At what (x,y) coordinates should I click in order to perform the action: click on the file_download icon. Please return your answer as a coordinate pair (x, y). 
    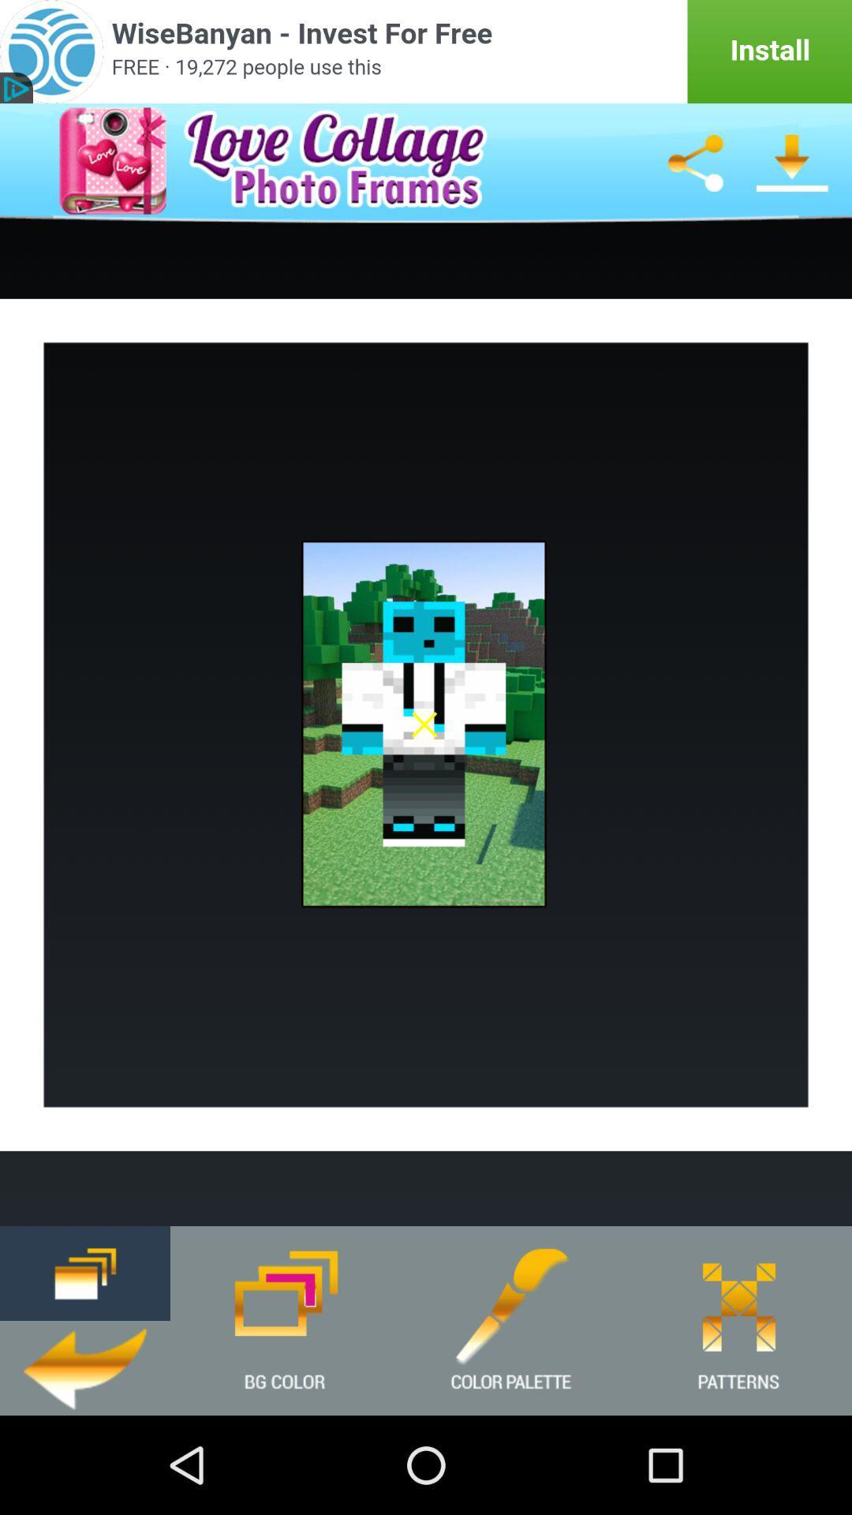
    Looking at the image, I should click on (793, 174).